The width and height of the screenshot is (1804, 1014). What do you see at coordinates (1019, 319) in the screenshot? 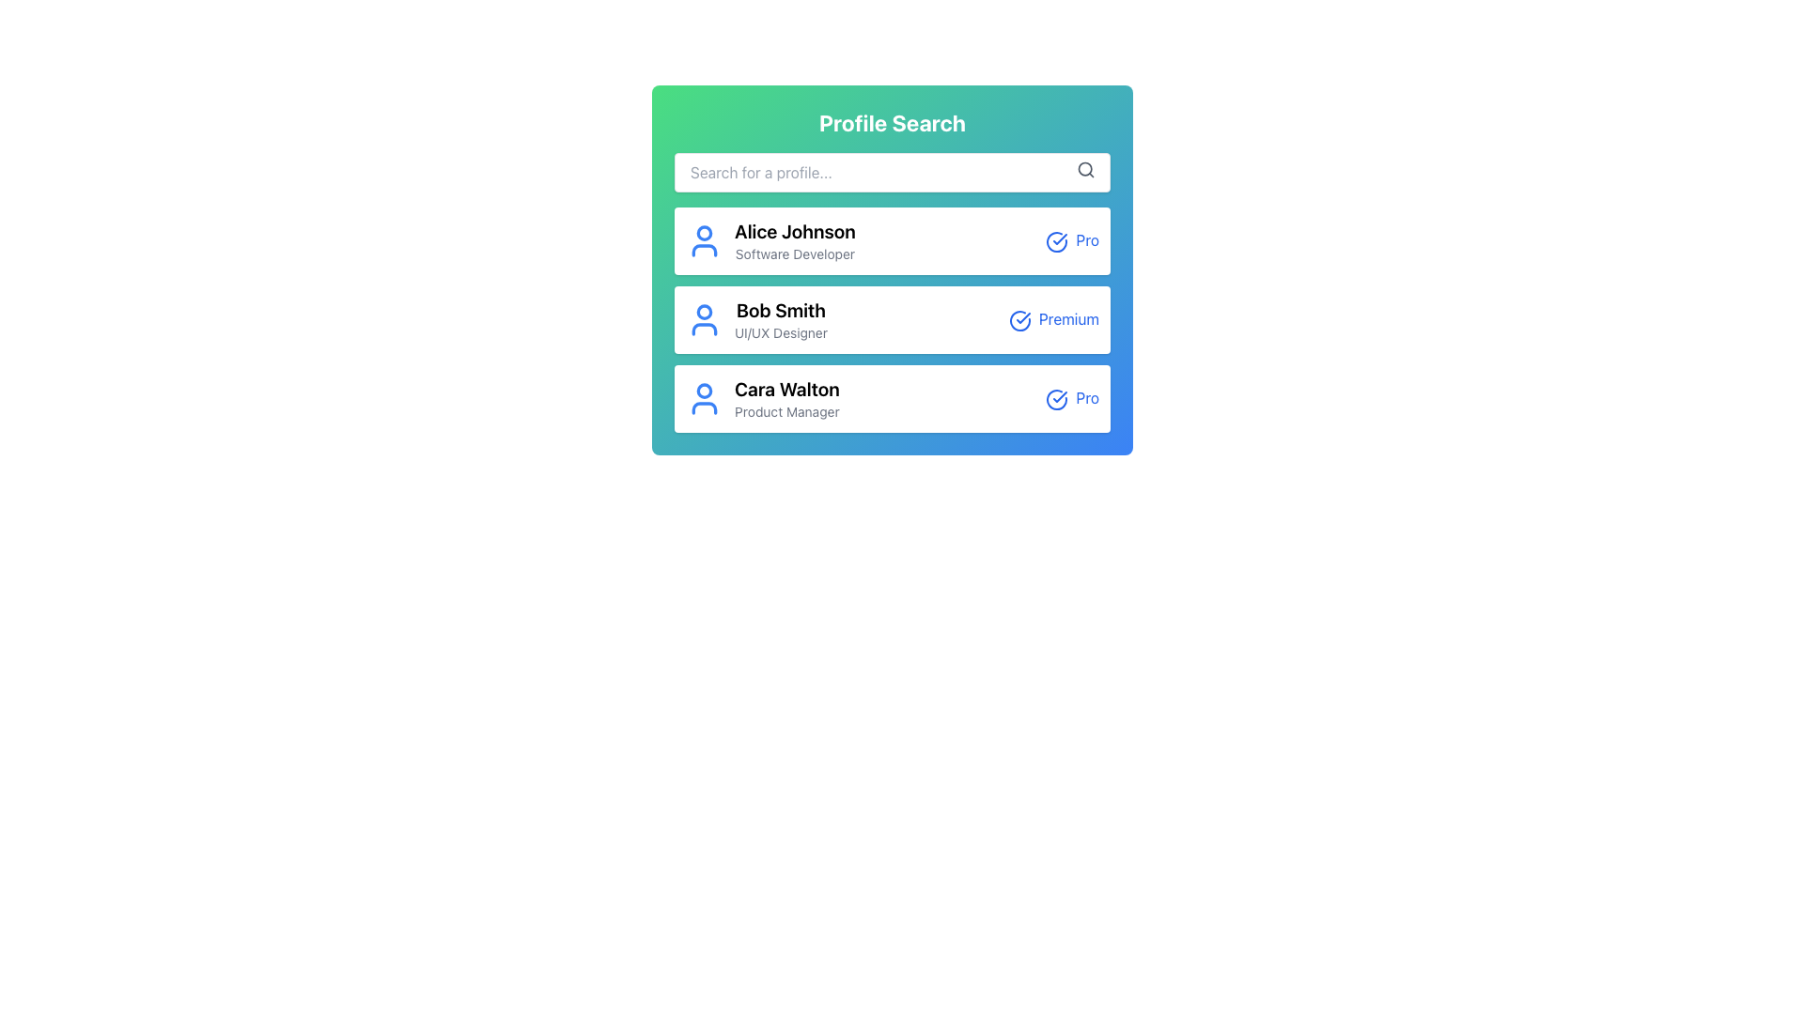
I see `the Premium account status icon for 'Bob Smith', which is located to the right of the text 'Bob Smith'` at bounding box center [1019, 319].